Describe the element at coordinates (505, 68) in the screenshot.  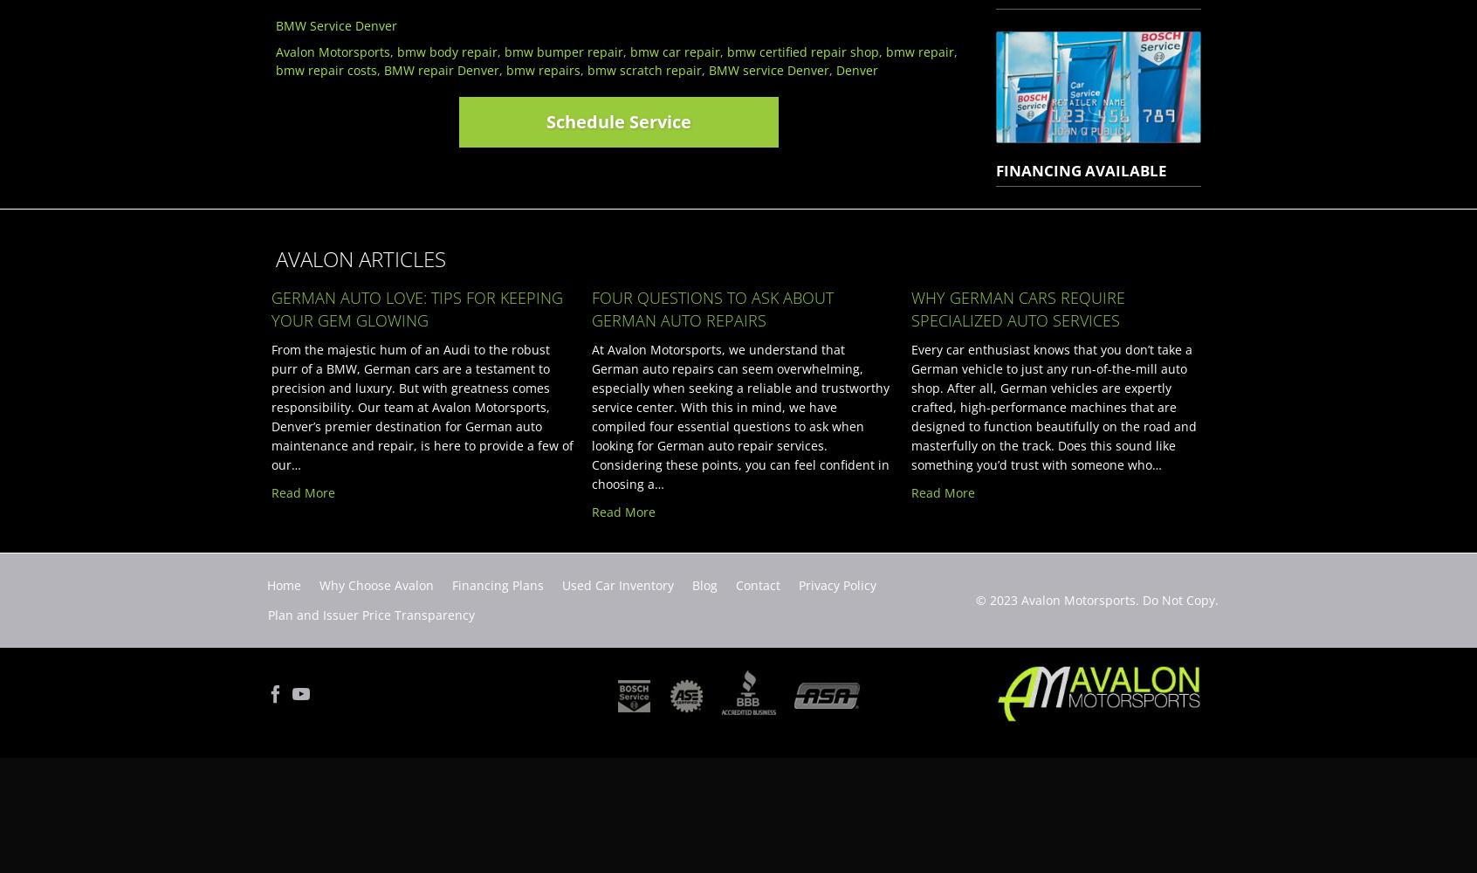
I see `'bmw repairs'` at that location.